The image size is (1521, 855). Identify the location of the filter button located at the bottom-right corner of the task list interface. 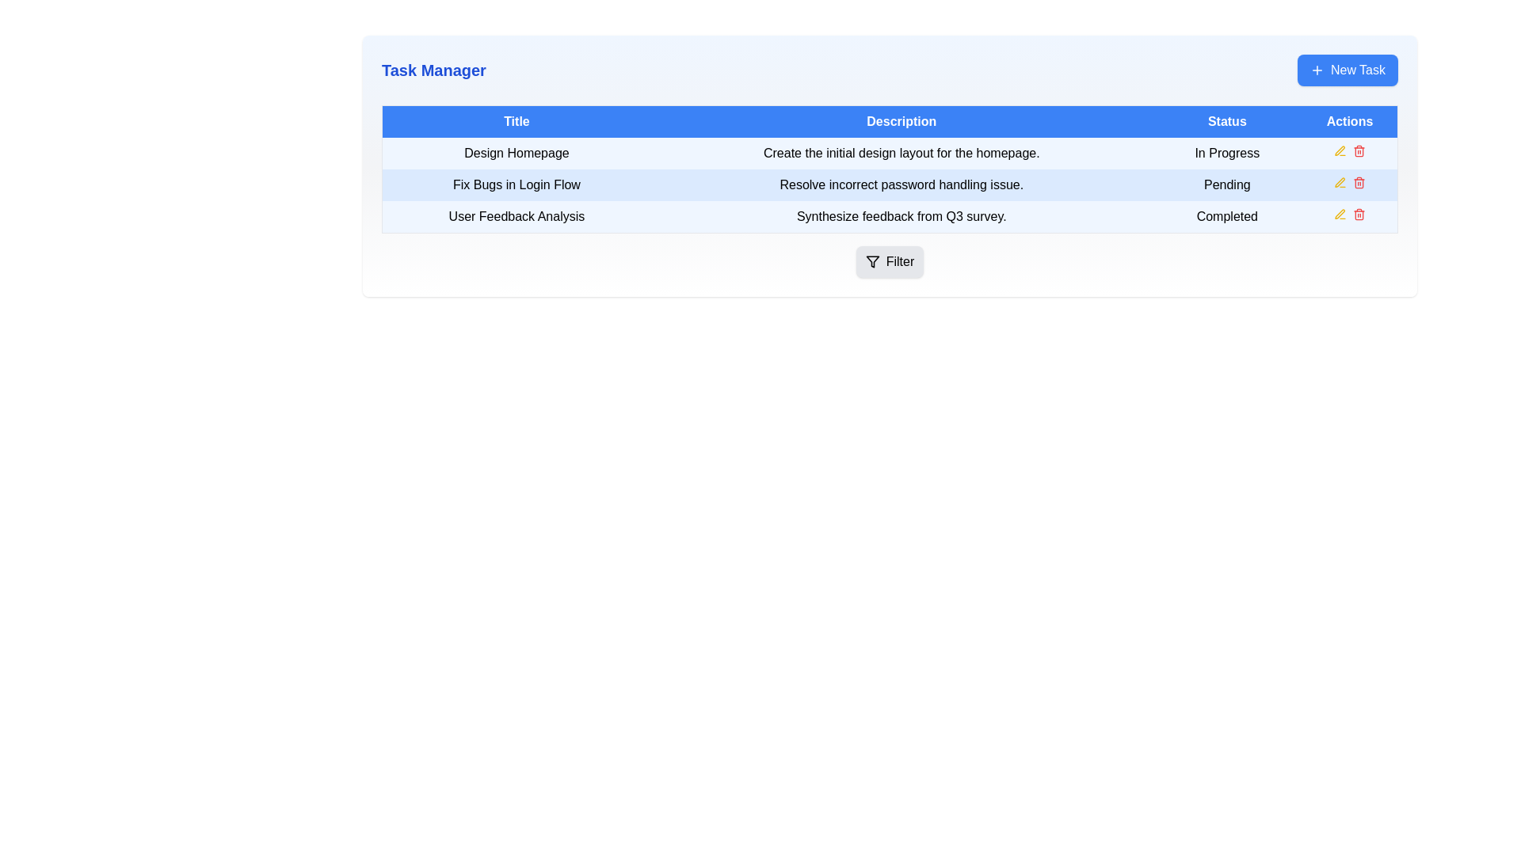
(890, 261).